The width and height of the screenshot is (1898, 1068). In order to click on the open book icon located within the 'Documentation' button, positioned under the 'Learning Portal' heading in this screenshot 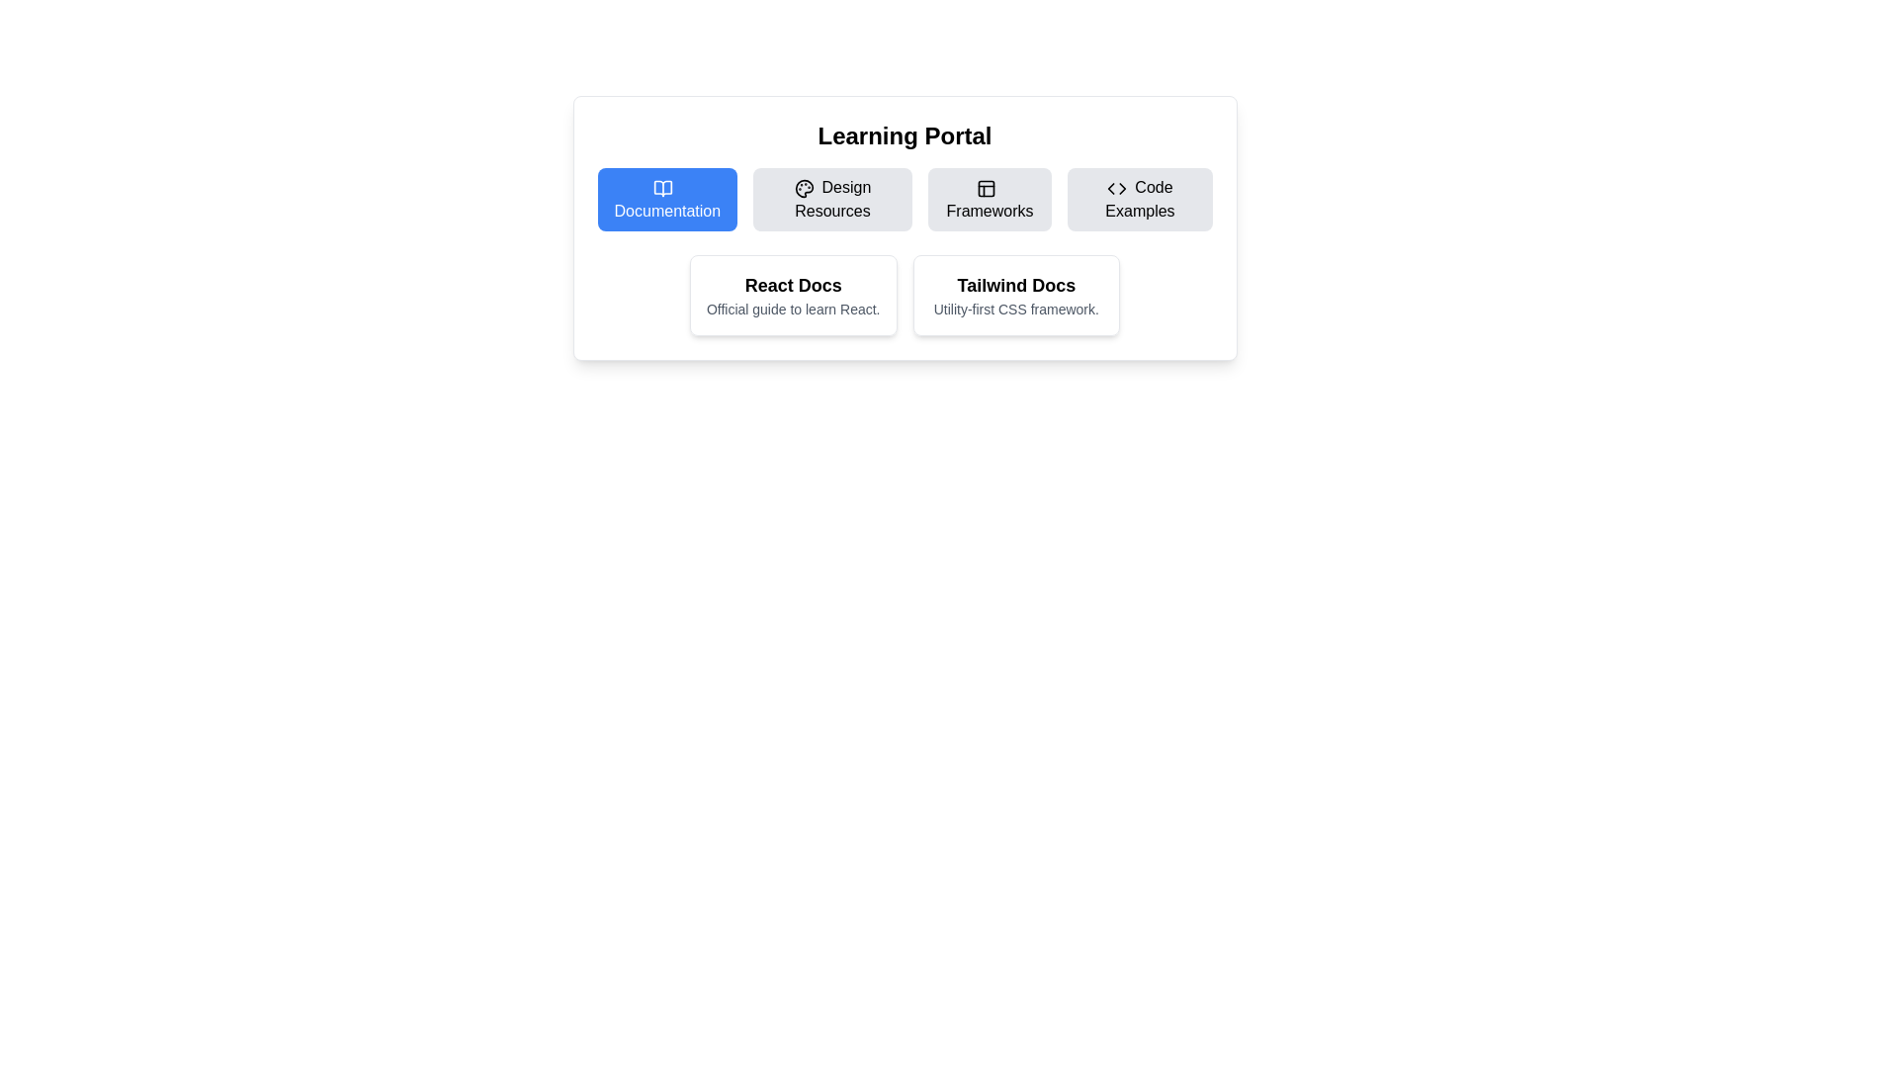, I will do `click(663, 188)`.